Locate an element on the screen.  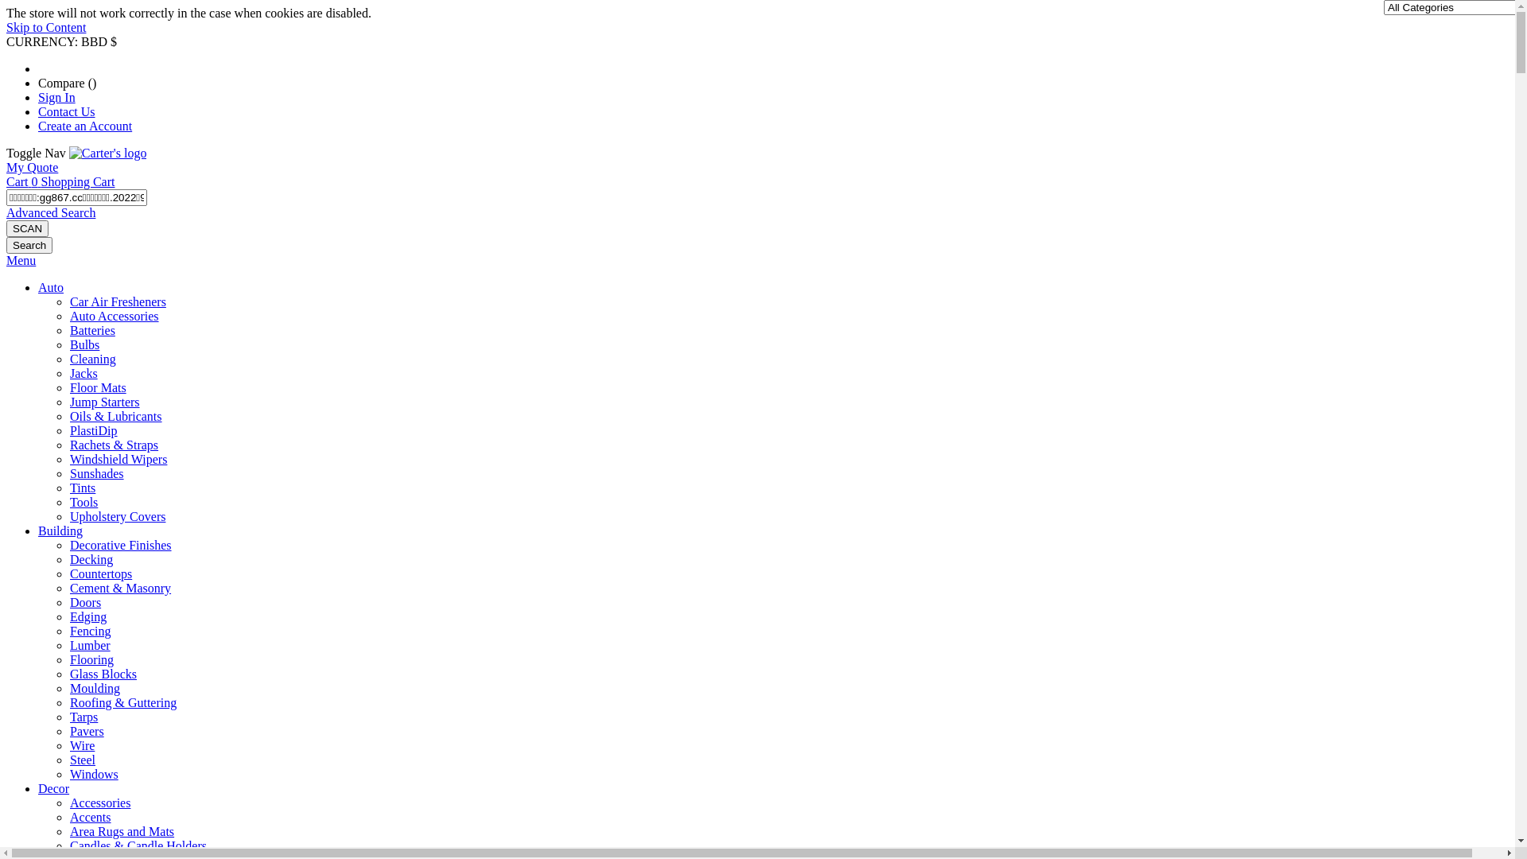
'My Quote' is located at coordinates (32, 167).